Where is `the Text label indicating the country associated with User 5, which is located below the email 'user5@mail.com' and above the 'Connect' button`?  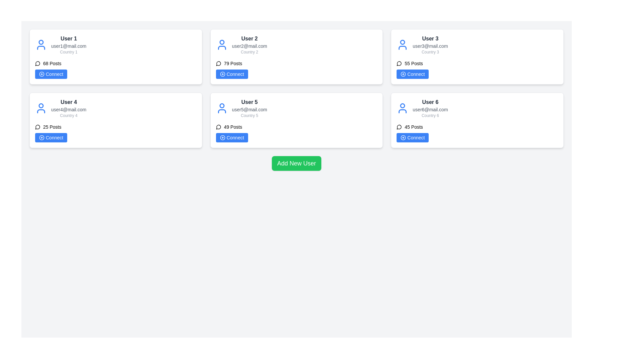
the Text label indicating the country associated with User 5, which is located below the email 'user5@mail.com' and above the 'Connect' button is located at coordinates (249, 115).